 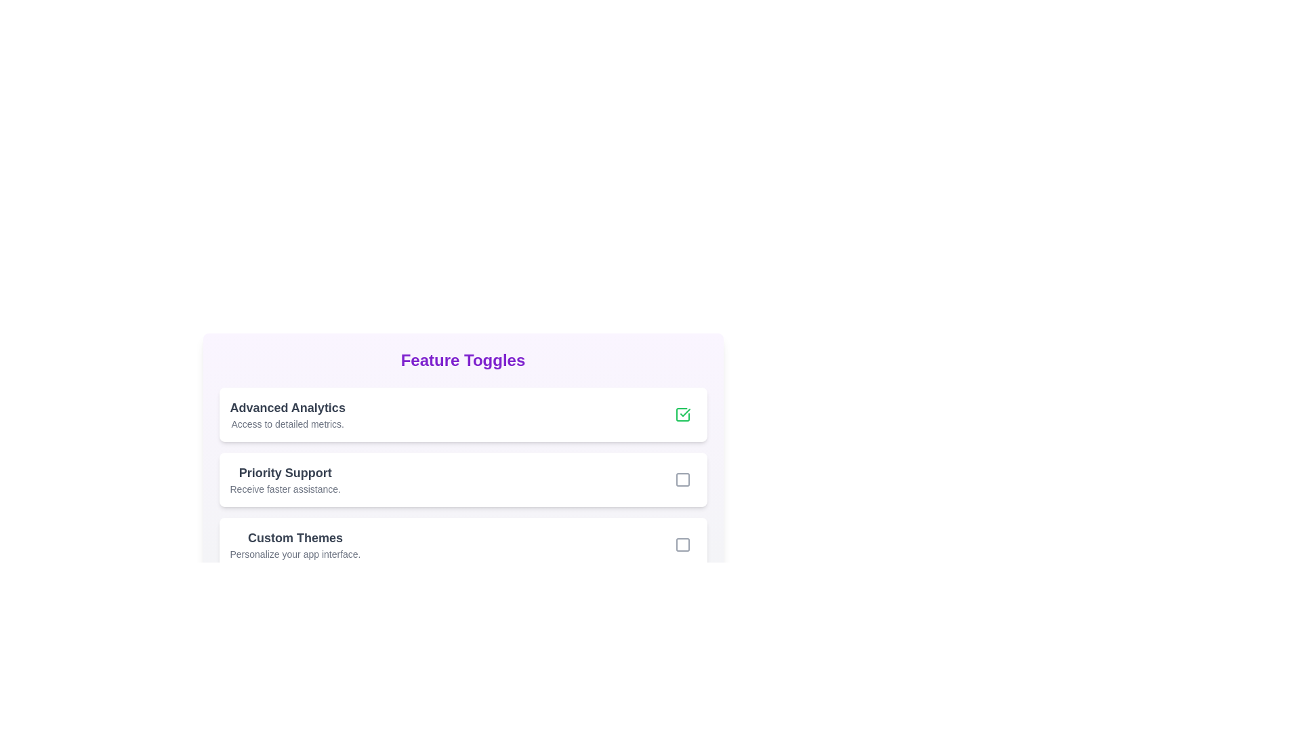 I want to click on the second toggle icon in the 'Priority Support' row, which indicates the toggle state of a feature and likely represents a disabled or inactive status, so click(x=682, y=479).